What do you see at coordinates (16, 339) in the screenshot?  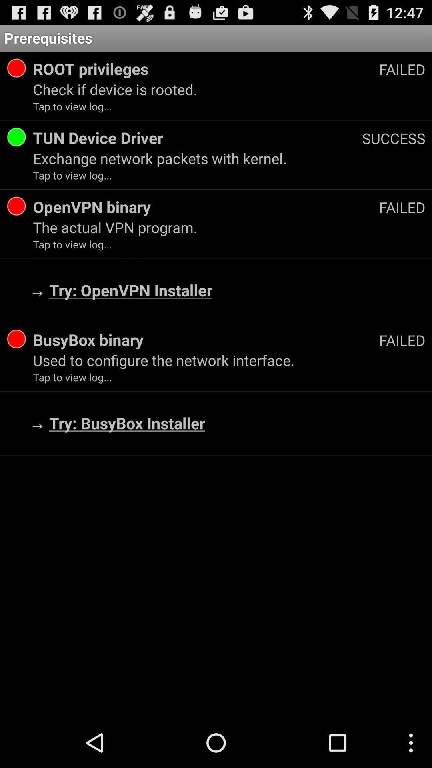 I see `the last red dot` at bounding box center [16, 339].